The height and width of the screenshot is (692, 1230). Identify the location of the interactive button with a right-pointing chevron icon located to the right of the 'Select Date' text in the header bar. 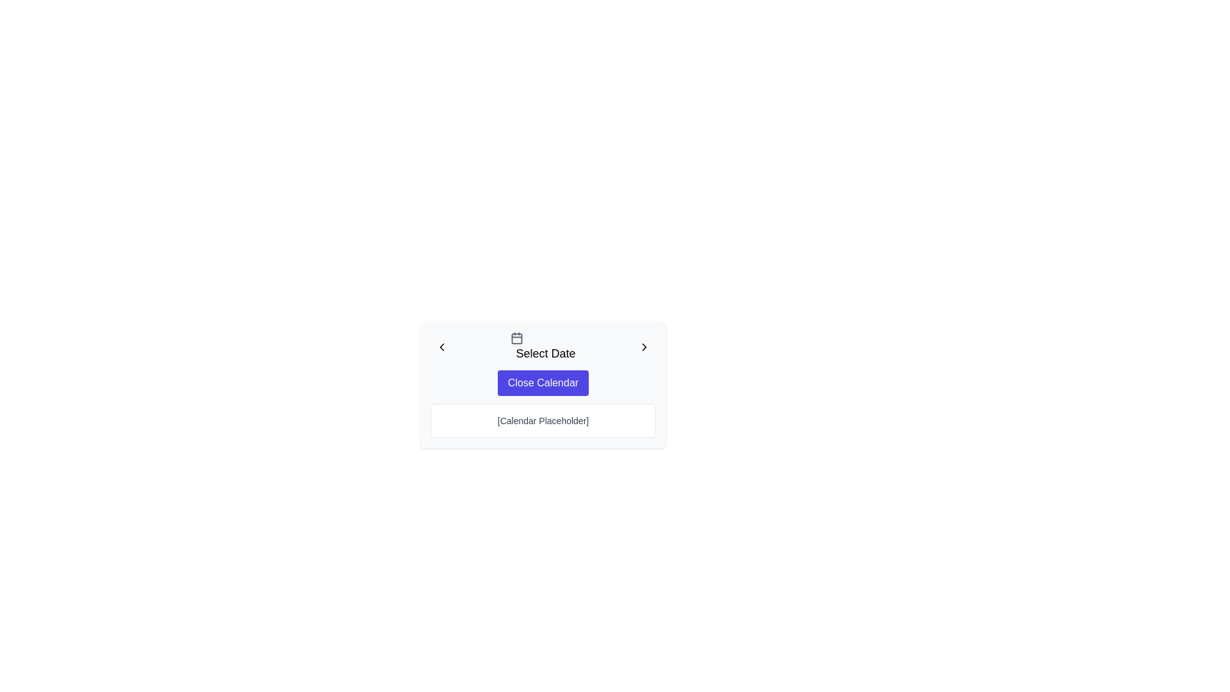
(644, 347).